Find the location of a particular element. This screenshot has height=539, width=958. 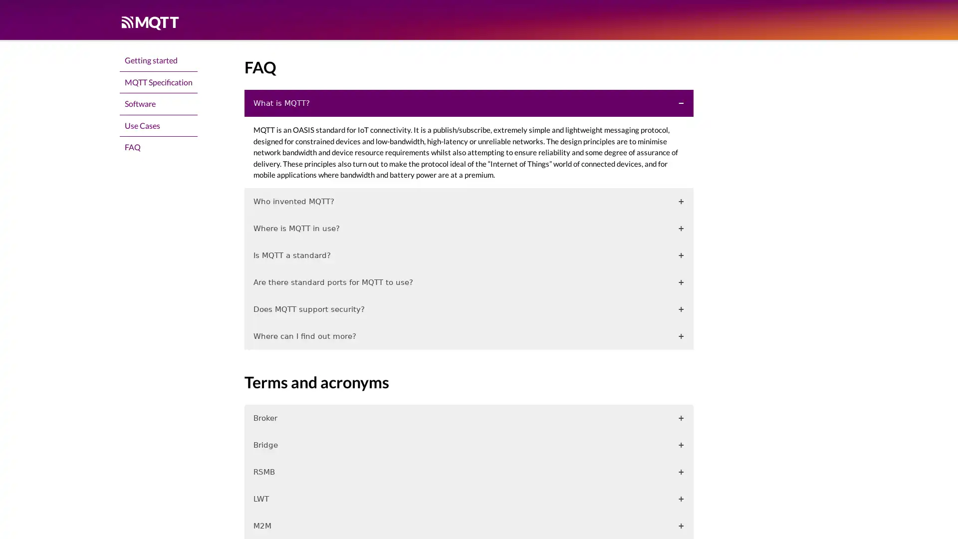

Is MQTT a standard? + is located at coordinates (469, 254).